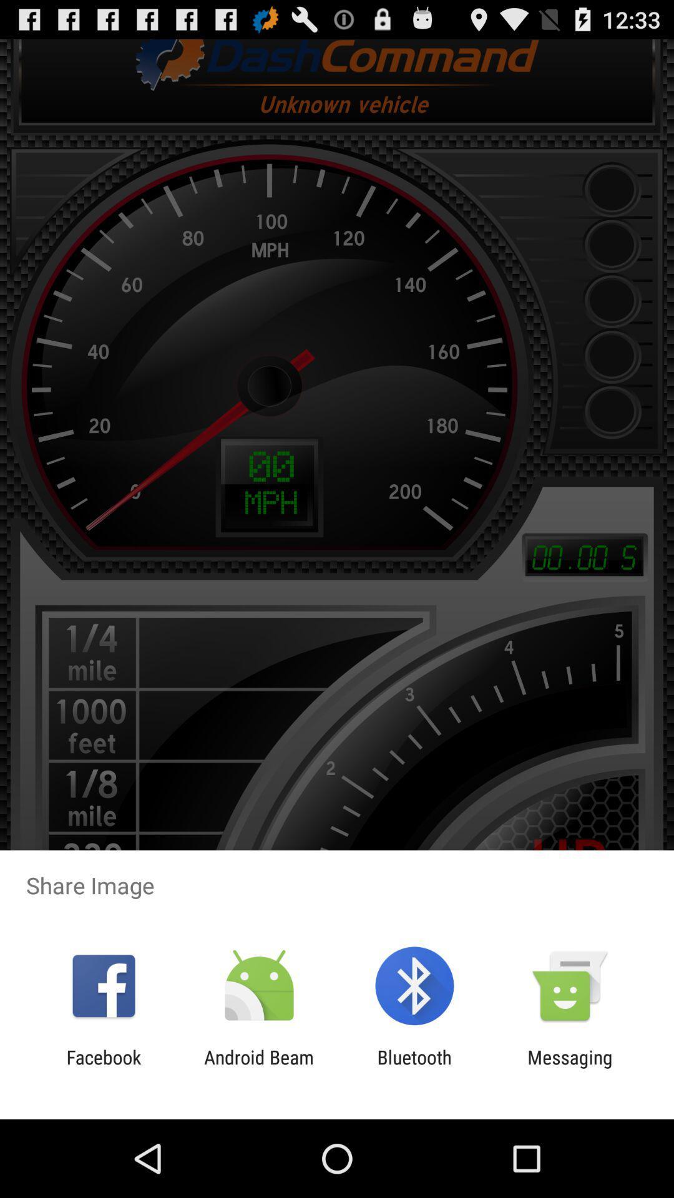 The height and width of the screenshot is (1198, 674). I want to click on bluetooth item, so click(414, 1068).